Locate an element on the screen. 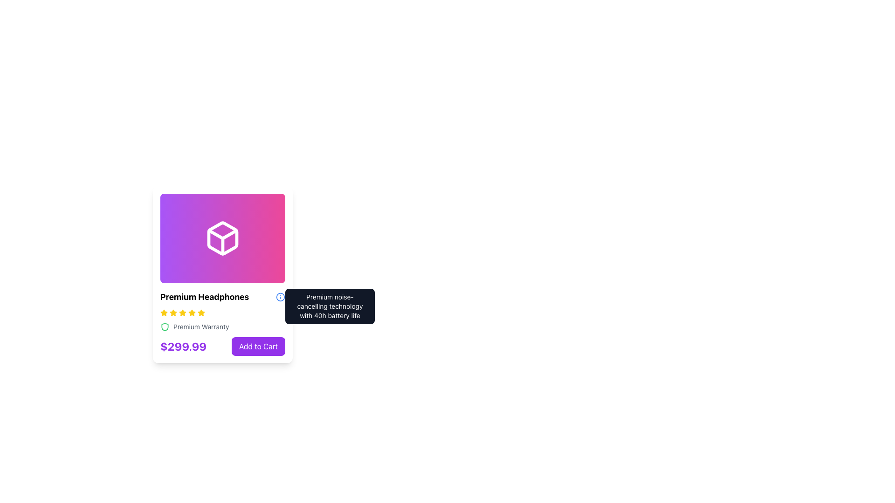 This screenshot has width=895, height=503. the informational text indicating the optional premium warranty offer located below the 'Premium Headphones' title and rating stars, above the price section and 'Add to Cart' button is located at coordinates (222, 326).